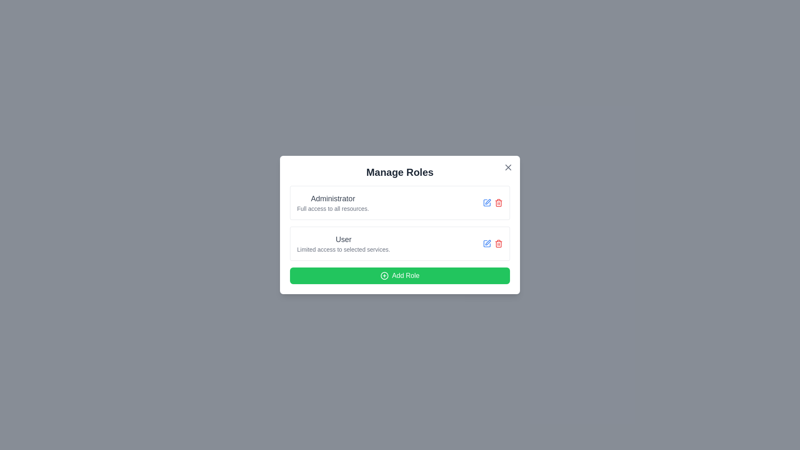 This screenshot has width=800, height=450. I want to click on the close button located in the top-right corner of the dialog box to change its color, so click(507, 167).